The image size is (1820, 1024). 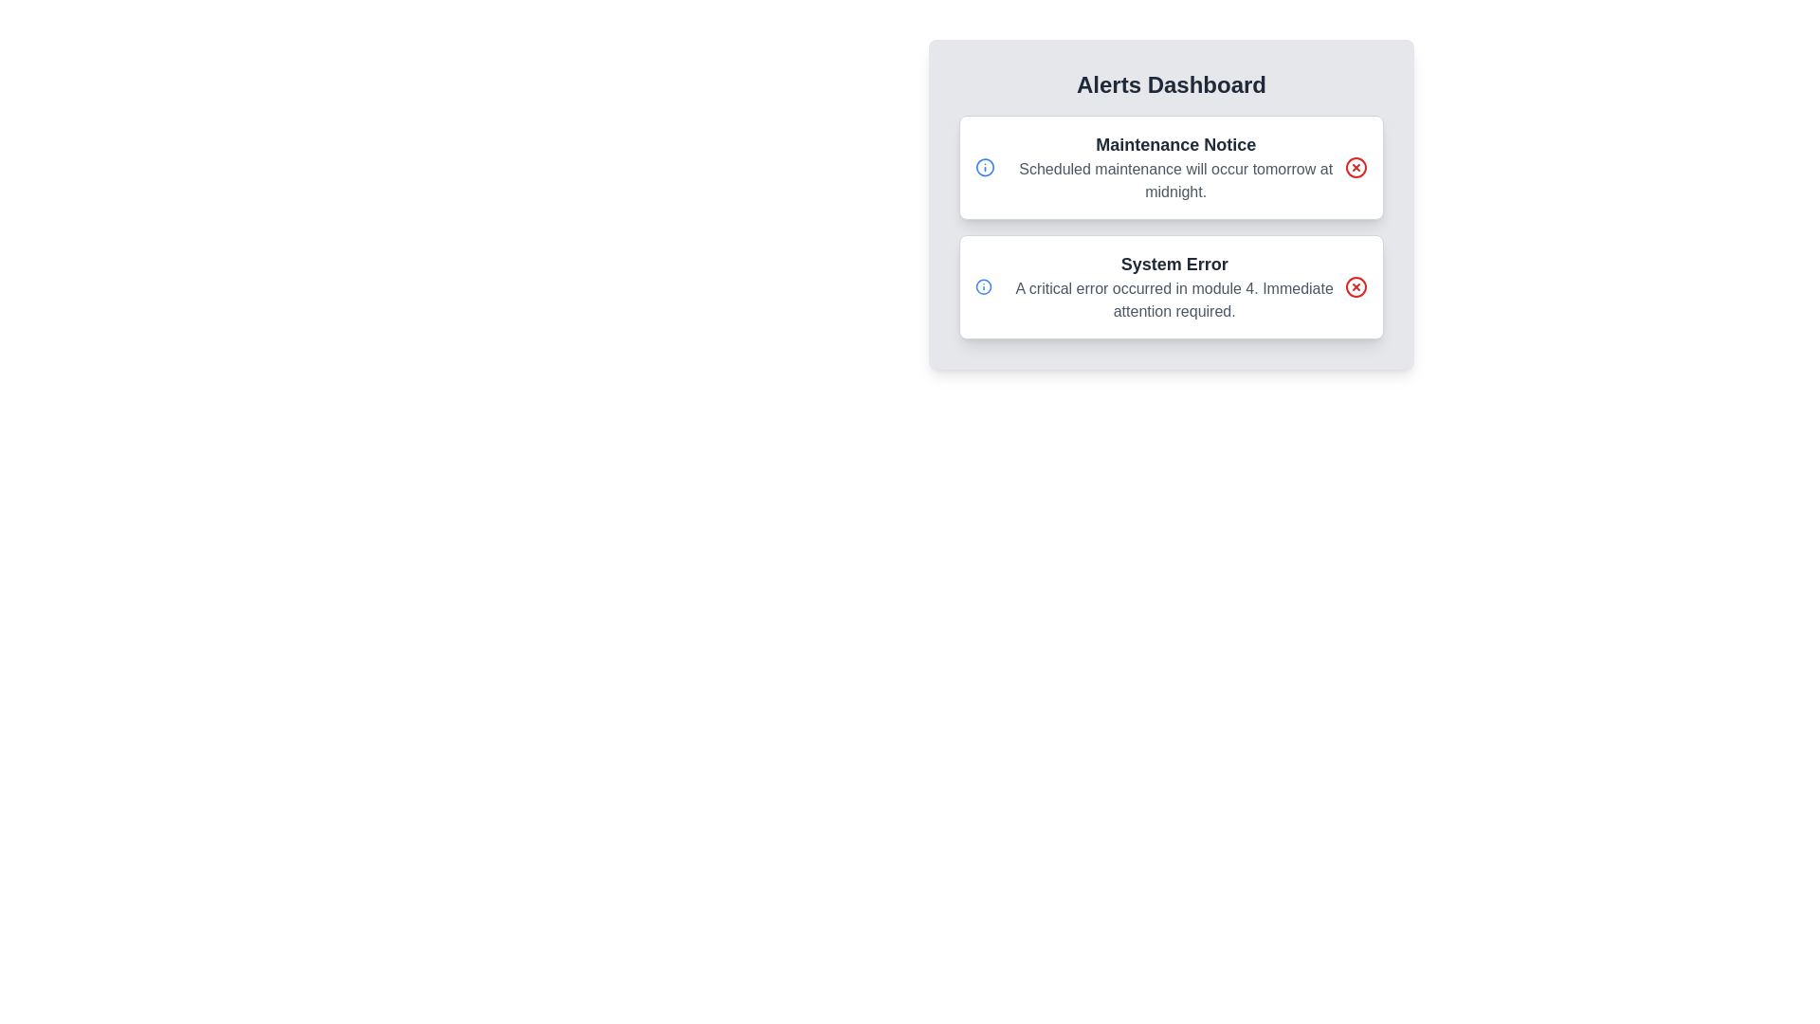 What do you see at coordinates (1174, 299) in the screenshot?
I see `the second text label that conveys detailed error information, located directly under the 'System Error' text in the 'Alerts Dashboard' interface` at bounding box center [1174, 299].